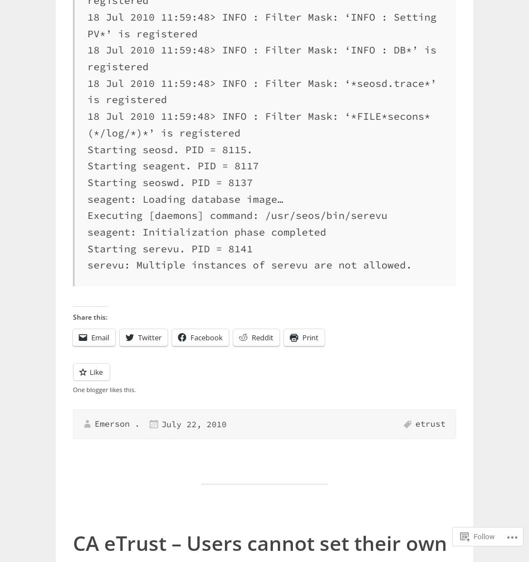 This screenshot has width=529, height=562. Describe the element at coordinates (262, 336) in the screenshot. I see `'Reddit'` at that location.